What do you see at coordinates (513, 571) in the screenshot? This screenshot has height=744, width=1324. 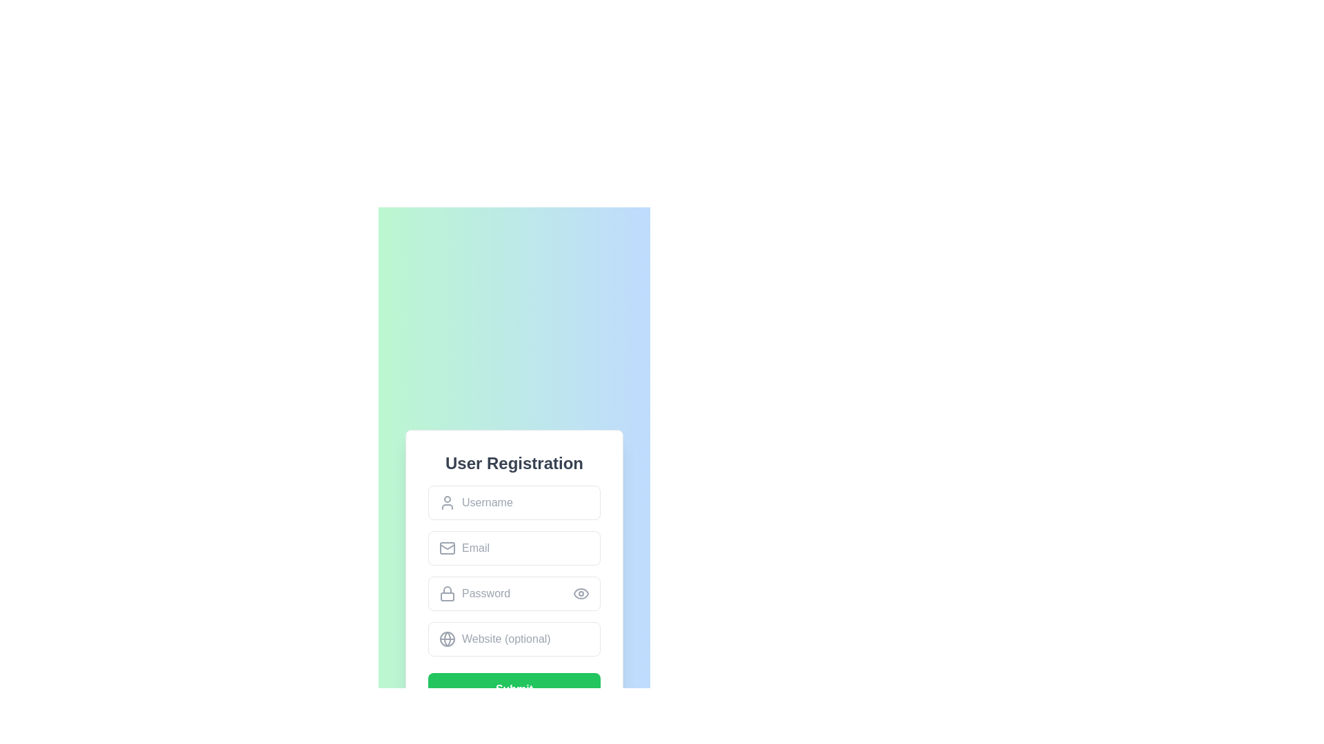 I see `the vertical form layout containing input fields for user registration to activate the focus effect` at bounding box center [513, 571].